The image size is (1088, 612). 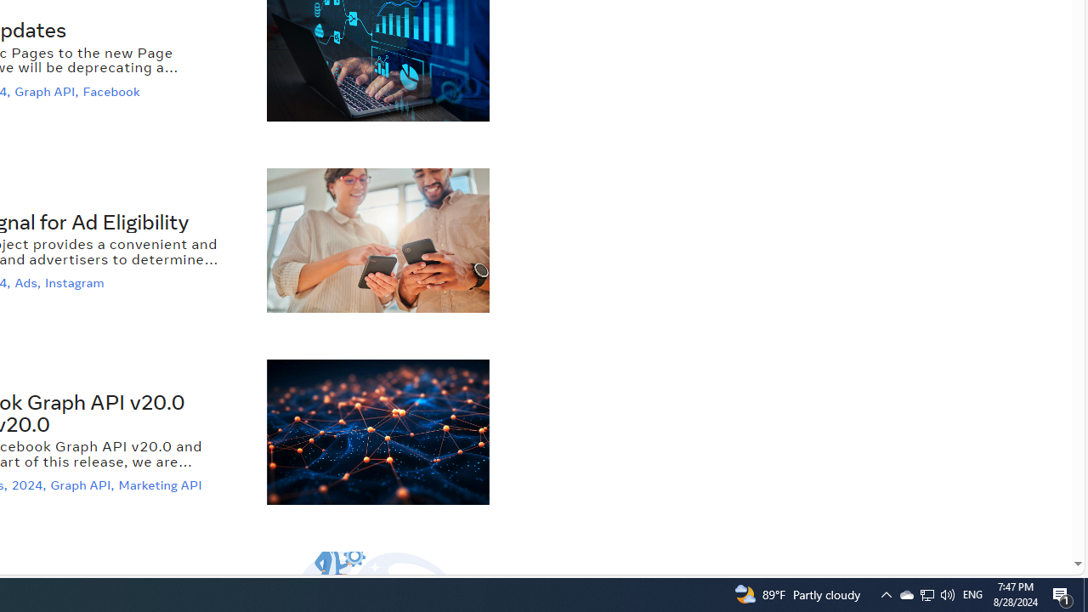 I want to click on 'Instagram', so click(x=76, y=282).